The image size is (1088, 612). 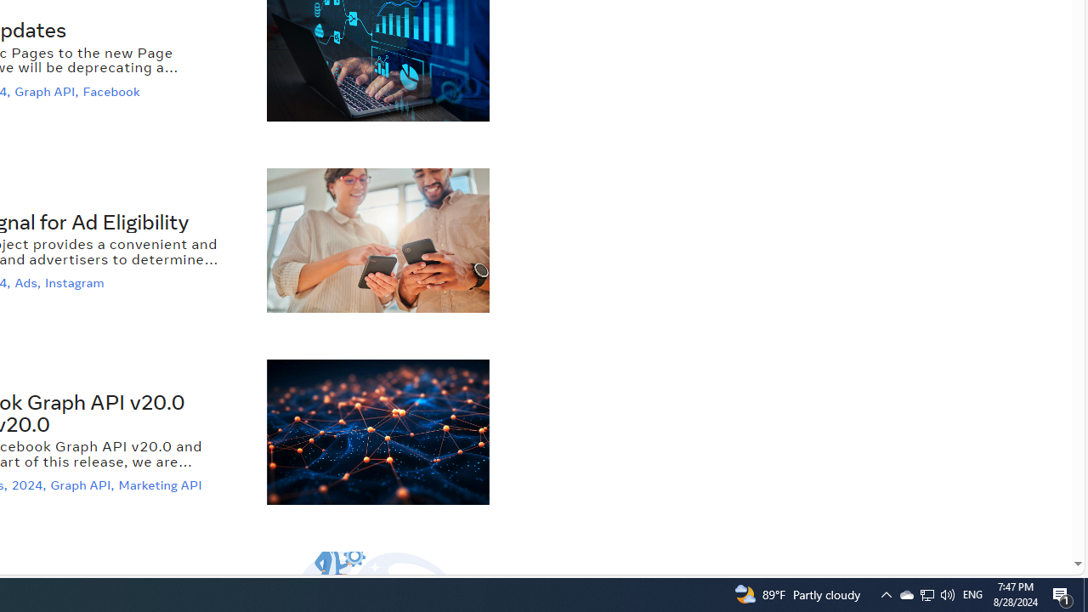 I want to click on 'Instagram', so click(x=76, y=282).